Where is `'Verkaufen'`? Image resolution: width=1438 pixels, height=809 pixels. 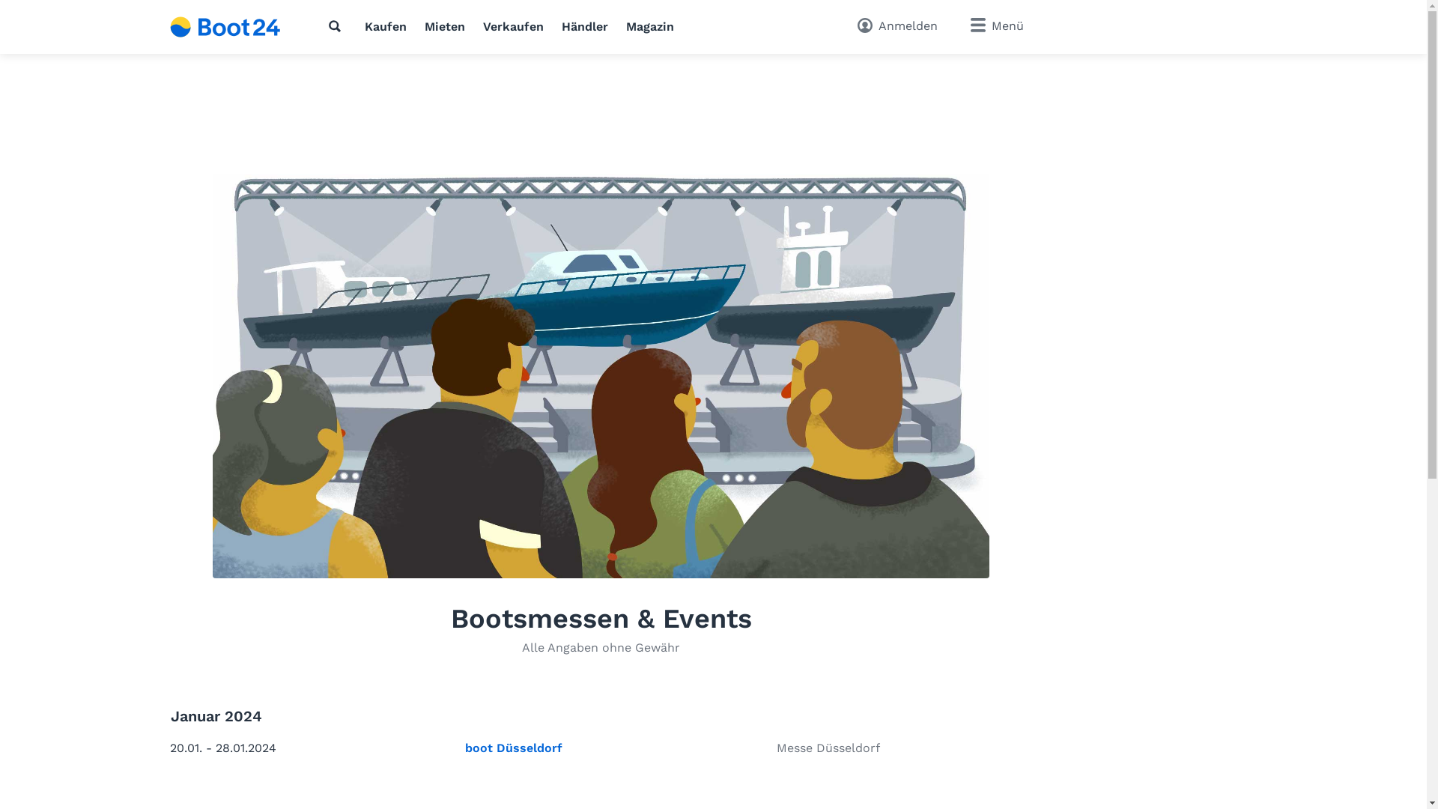
'Verkaufen' is located at coordinates (513, 26).